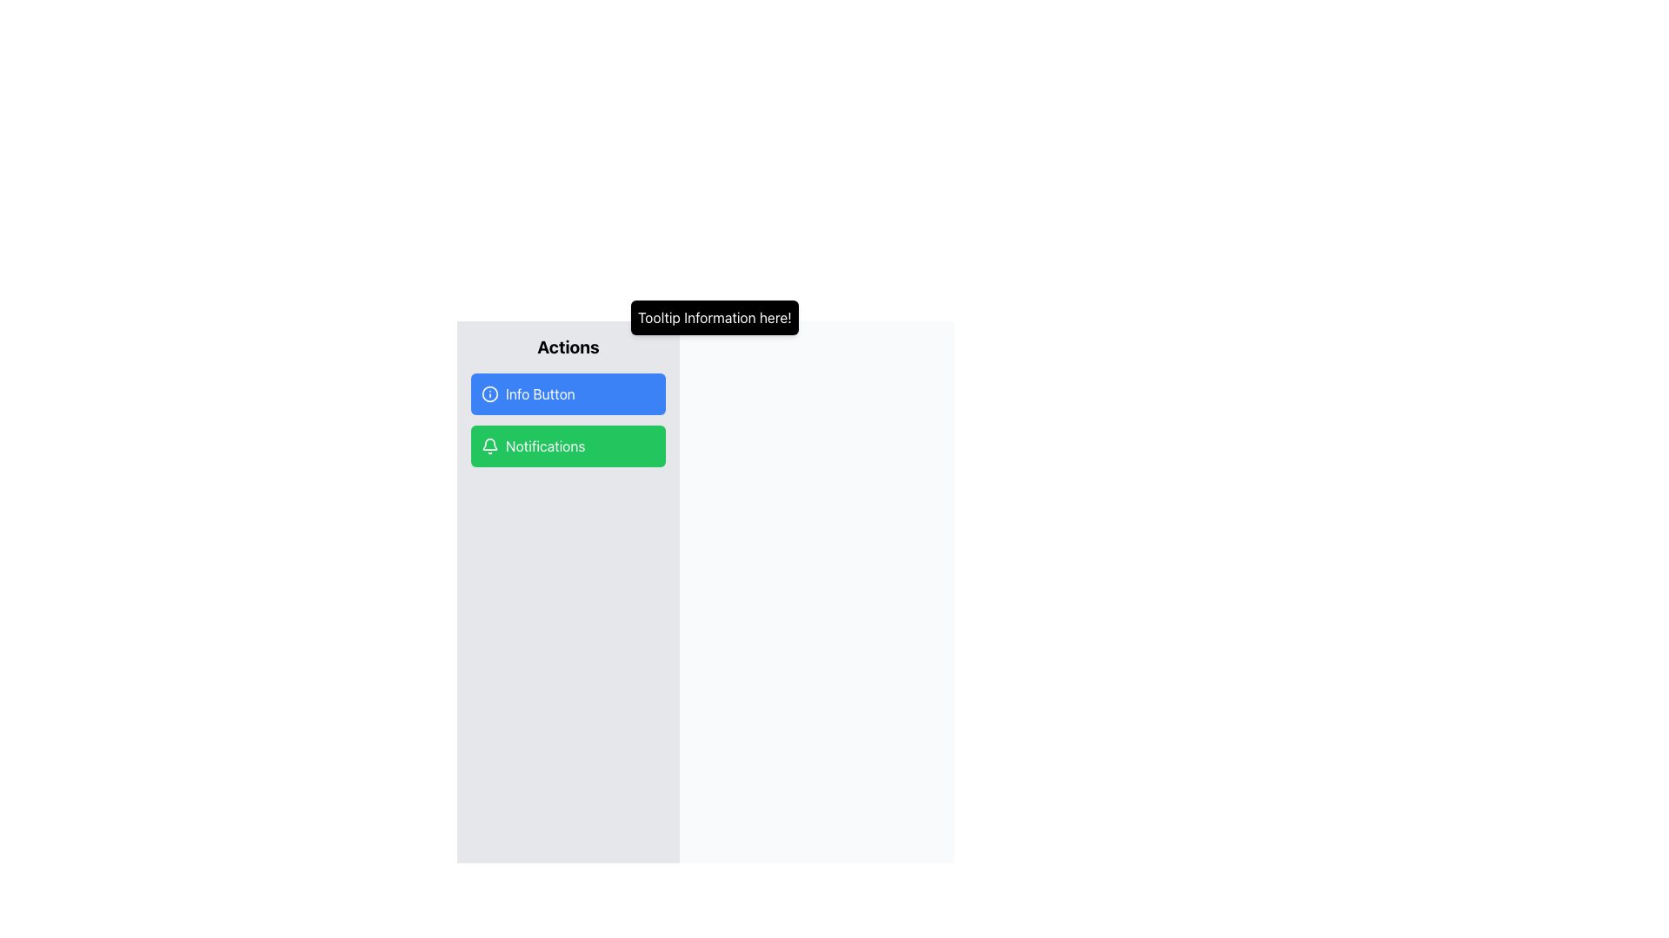 This screenshot has height=938, width=1669. I want to click on the information icon located on the 'Info Button', which is the first button in a vertical list of similar buttons, so click(489, 394).